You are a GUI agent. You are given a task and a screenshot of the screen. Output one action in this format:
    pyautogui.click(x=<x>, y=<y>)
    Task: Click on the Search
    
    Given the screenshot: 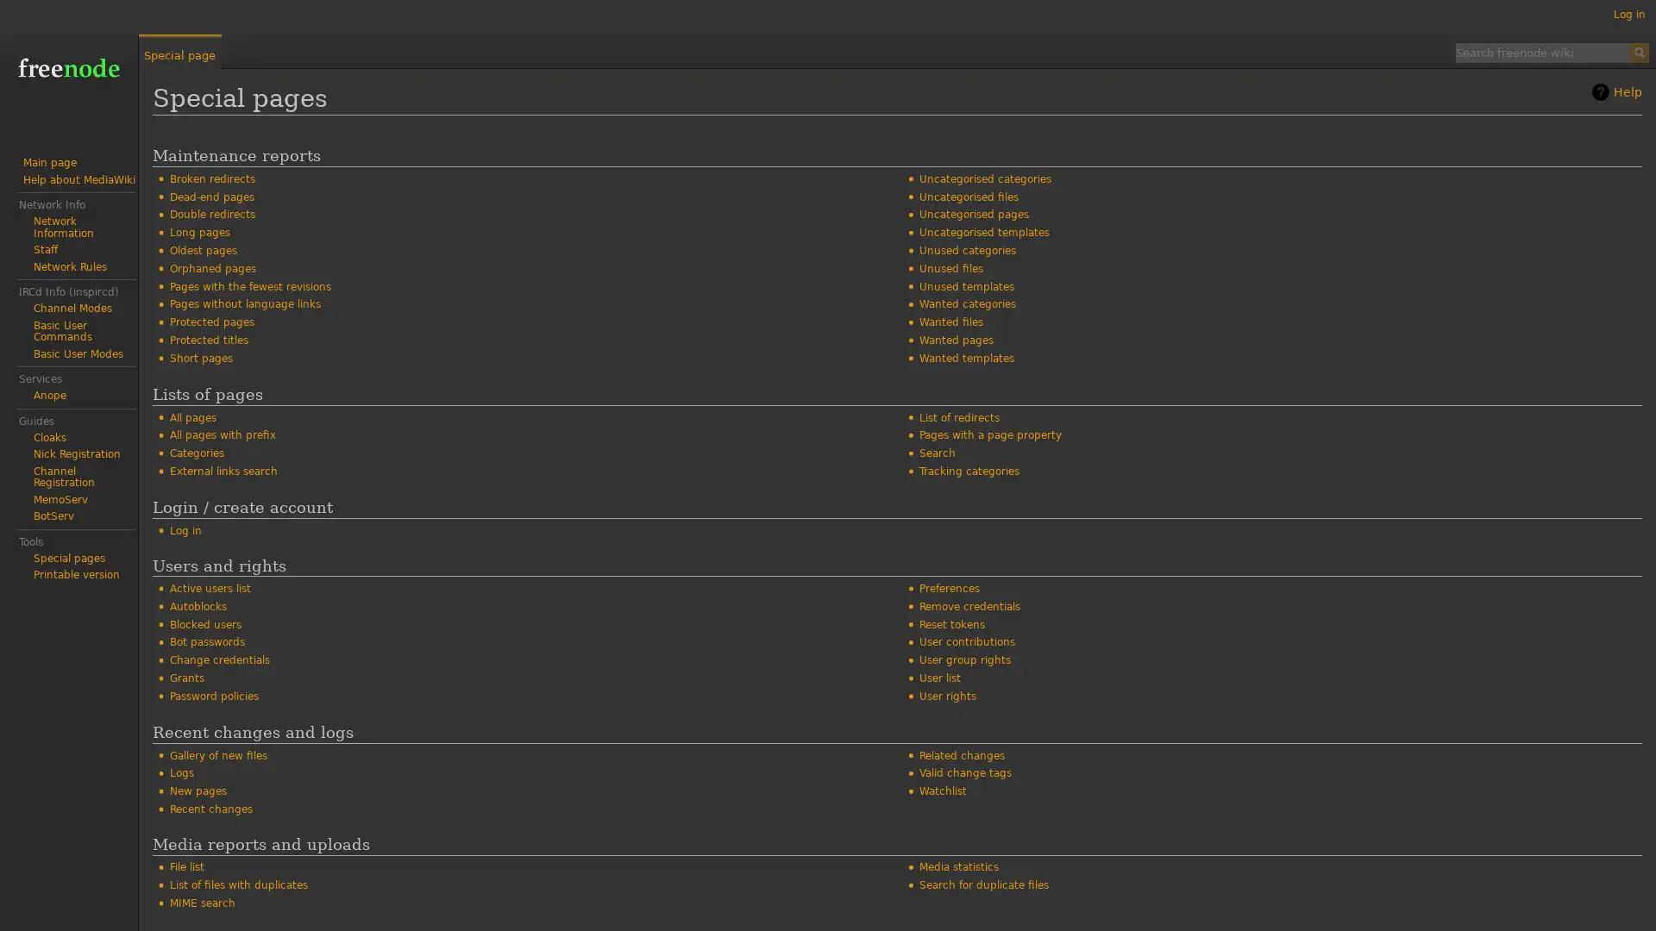 What is the action you would take?
    pyautogui.click(x=1638, y=52)
    